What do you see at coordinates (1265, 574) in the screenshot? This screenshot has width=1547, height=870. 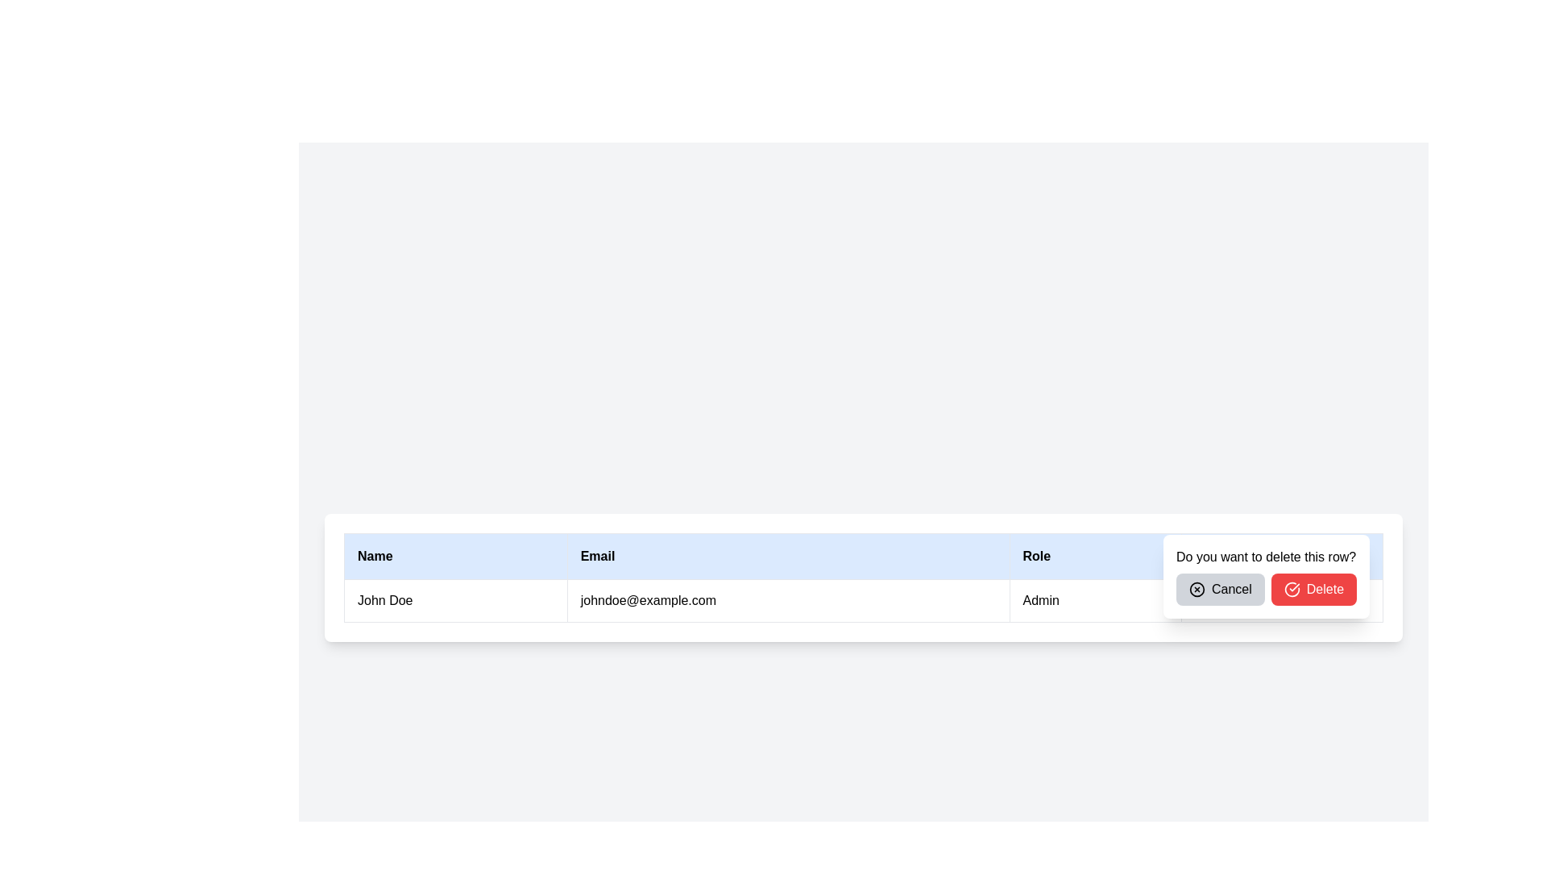 I see `the 'Cancel' button on the Popup confirmation dialog that appears for deleting a table row containing 'John Doe'` at bounding box center [1265, 574].